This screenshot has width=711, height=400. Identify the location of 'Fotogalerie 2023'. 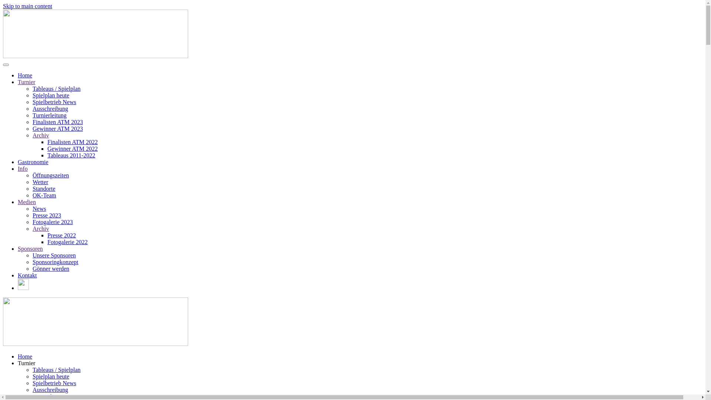
(52, 221).